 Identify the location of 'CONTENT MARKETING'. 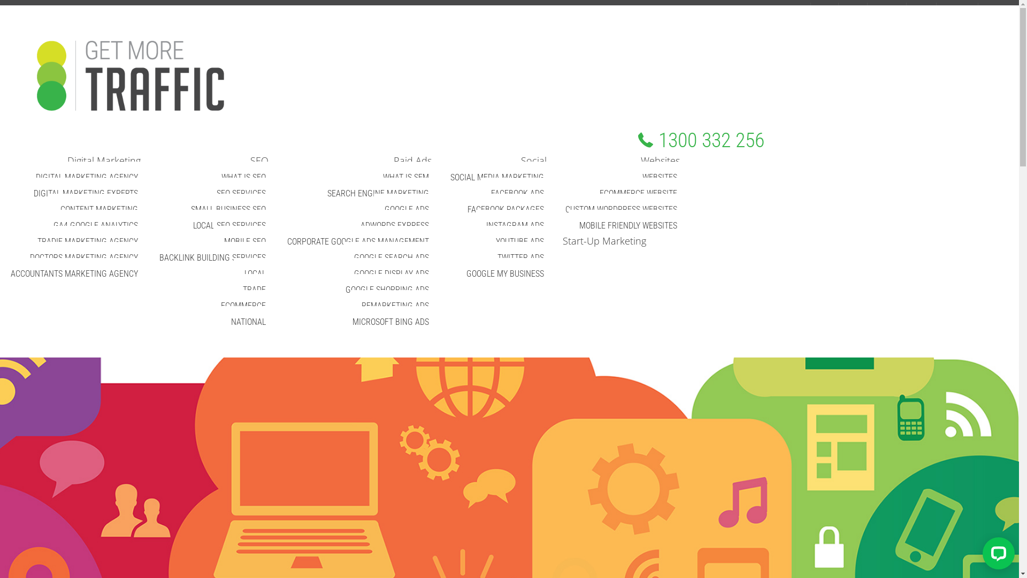
(49, 209).